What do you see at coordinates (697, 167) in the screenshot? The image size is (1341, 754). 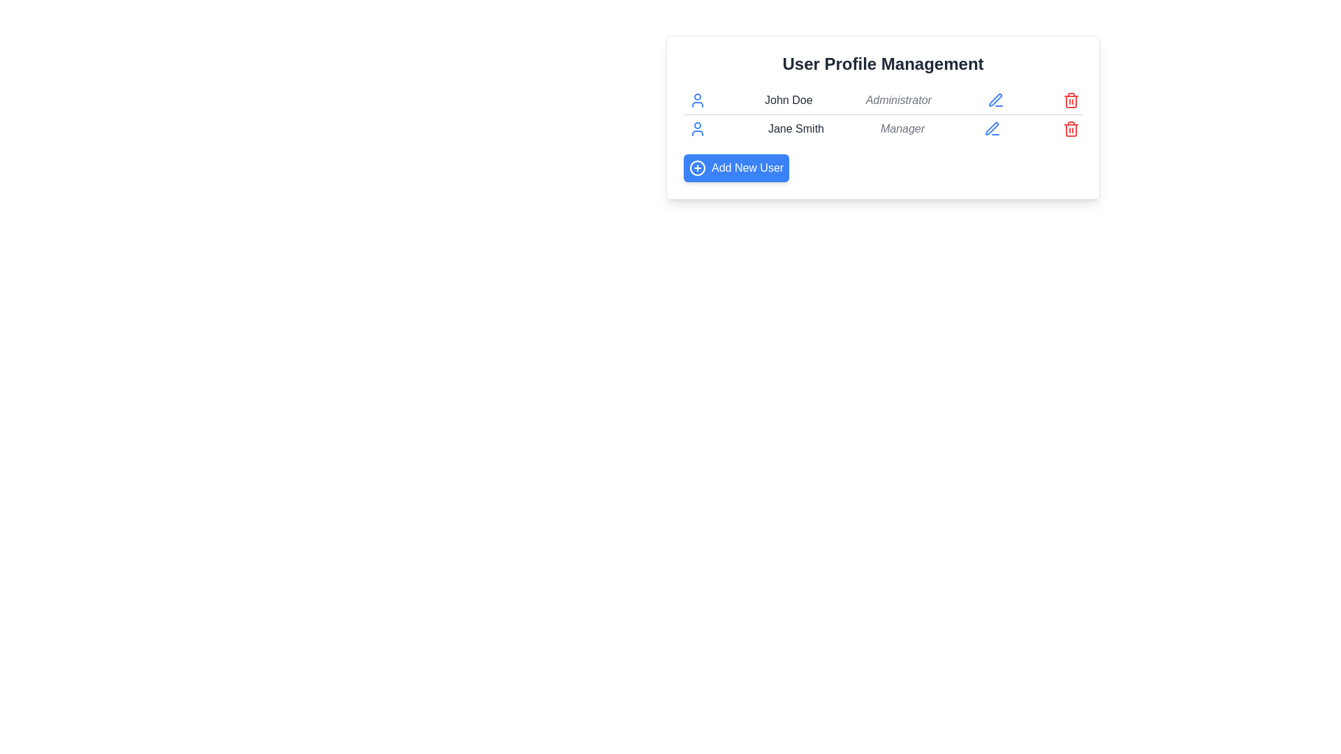 I see `the circular decorative element of the 'Add New User' button icon, which emphasizes the interactive adding functionality` at bounding box center [697, 167].